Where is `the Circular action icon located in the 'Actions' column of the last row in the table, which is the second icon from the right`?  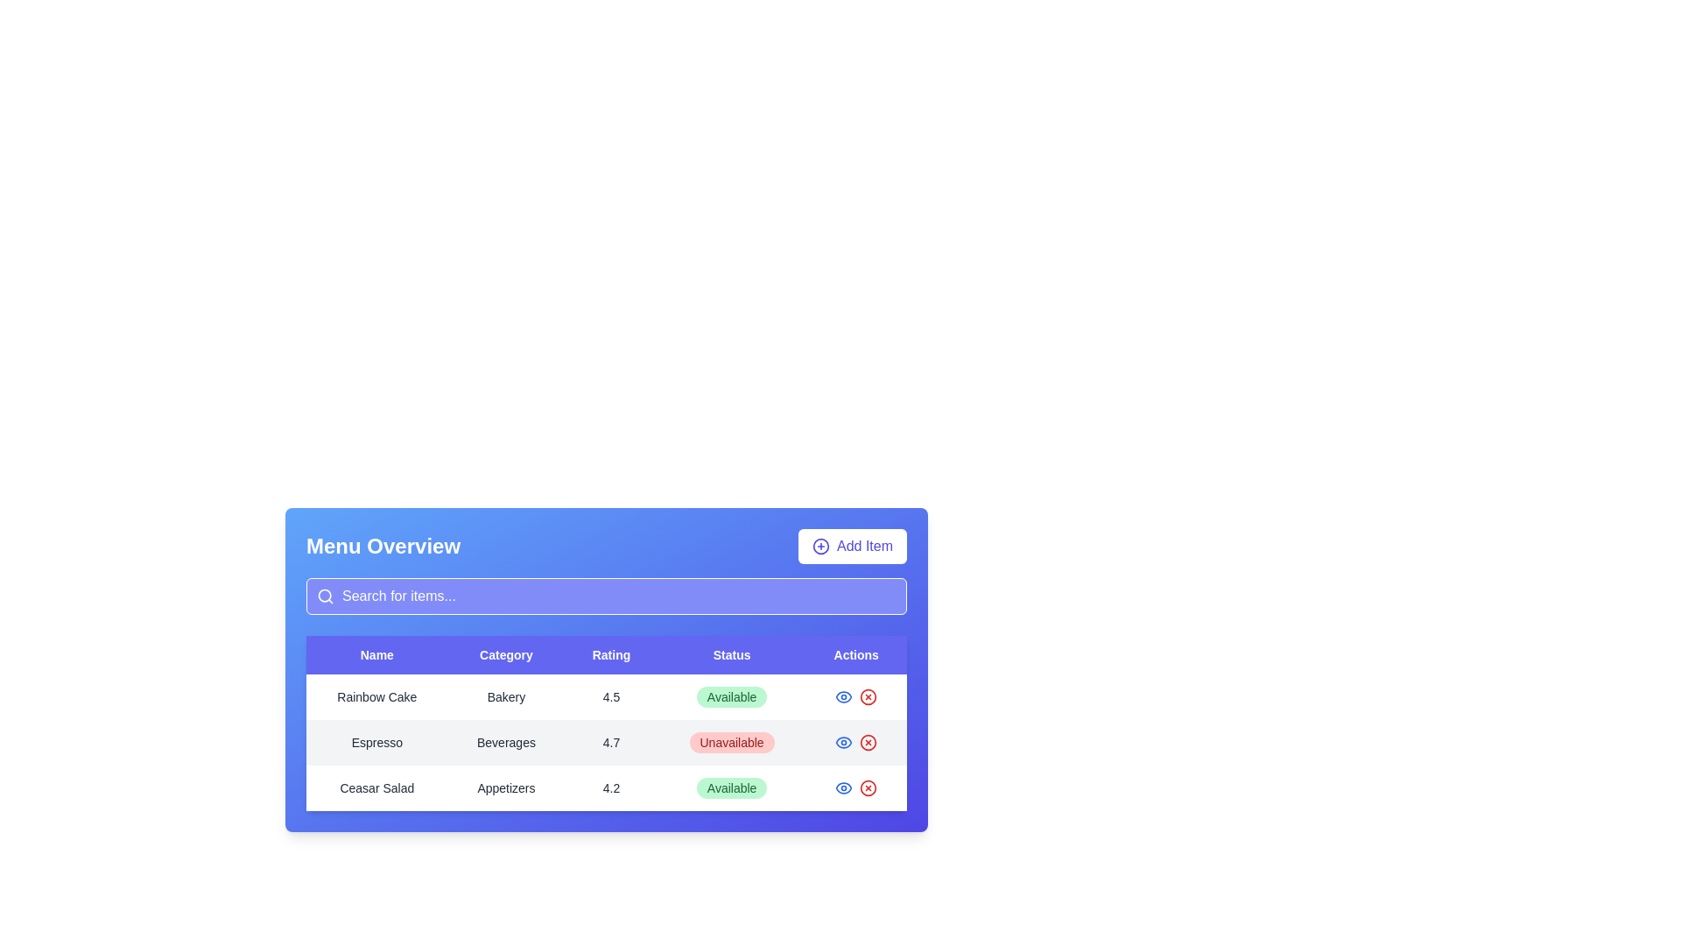 the Circular action icon located in the 'Actions' column of the last row in the table, which is the second icon from the right is located at coordinates (869, 787).